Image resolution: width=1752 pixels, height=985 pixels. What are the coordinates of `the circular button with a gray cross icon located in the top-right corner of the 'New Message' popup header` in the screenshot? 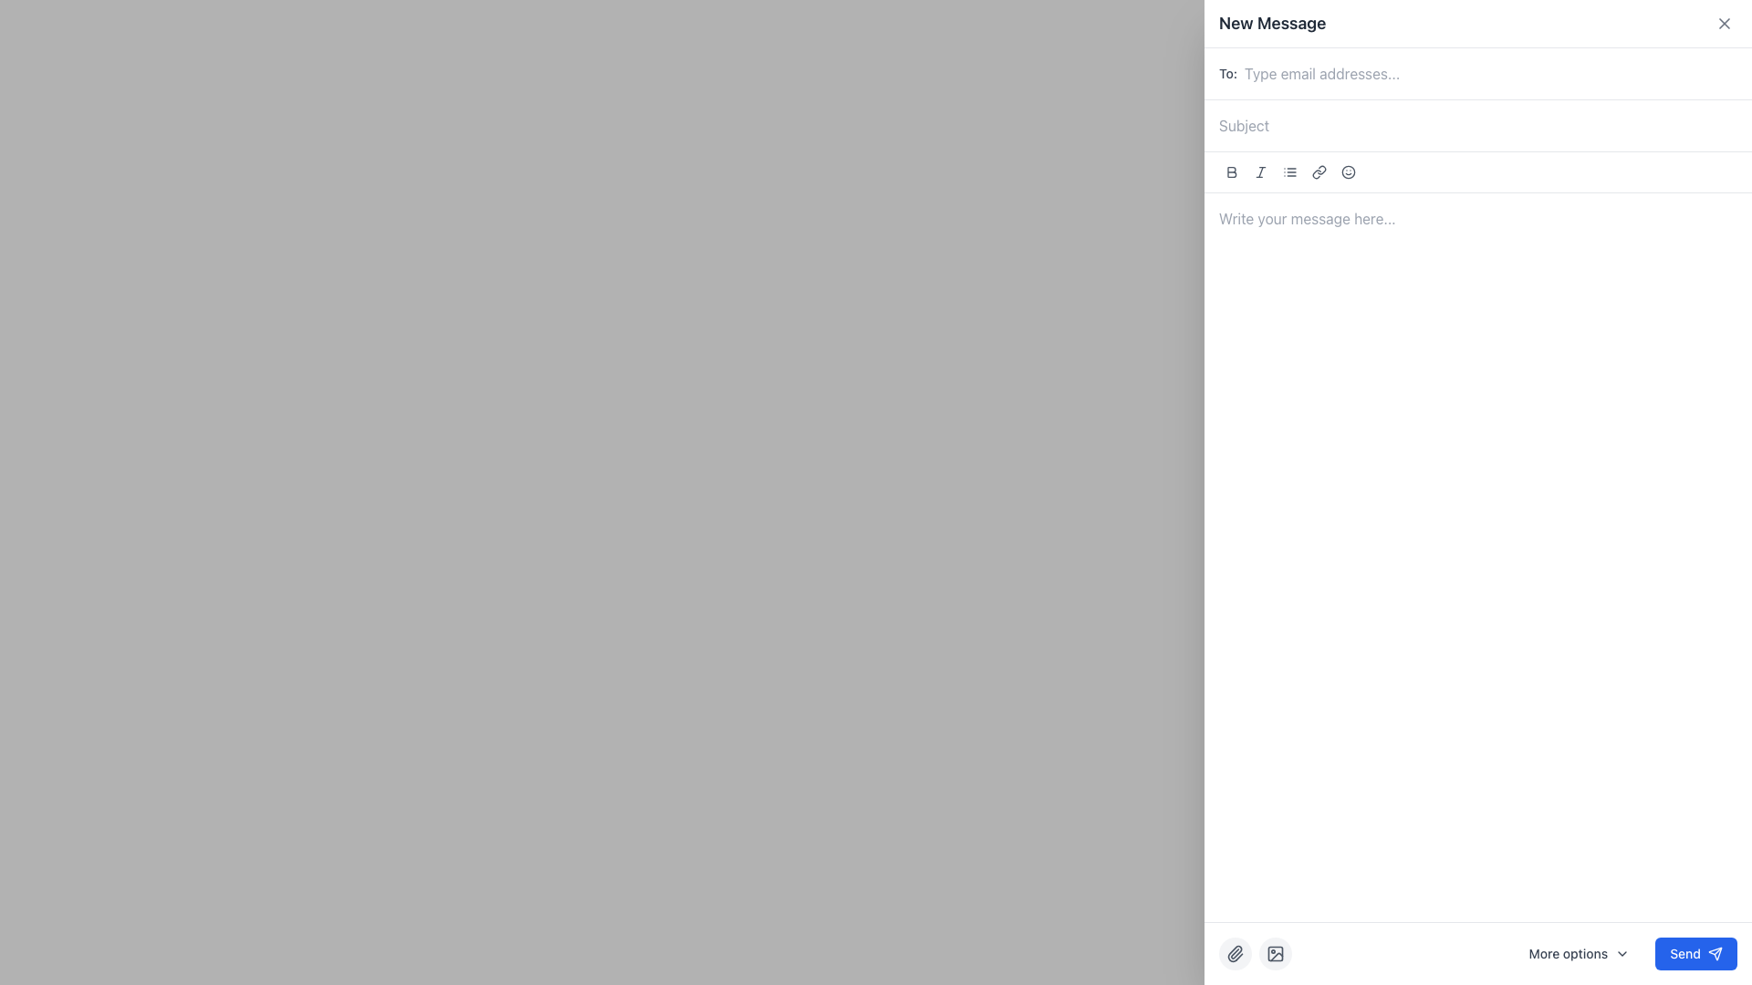 It's located at (1724, 24).